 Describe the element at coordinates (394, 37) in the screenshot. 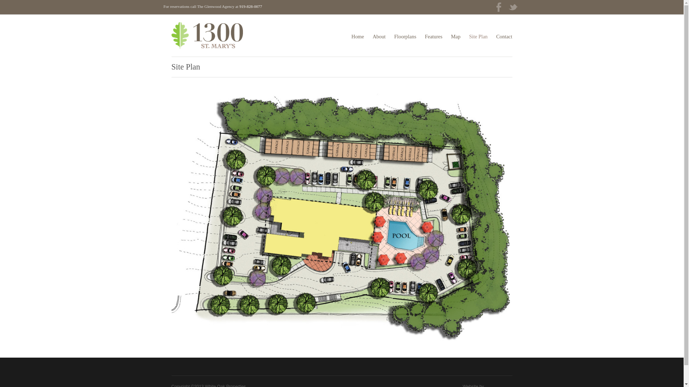

I see `'Floorplans'` at that location.